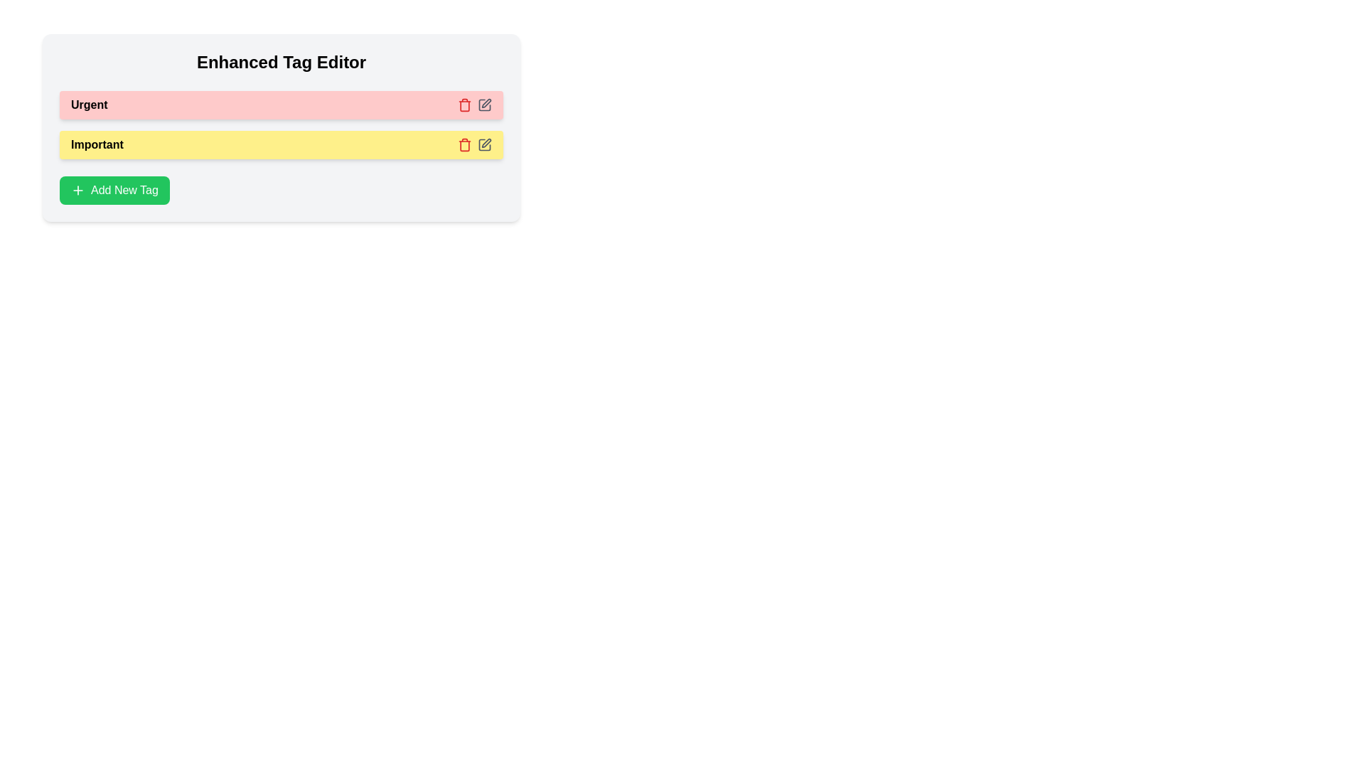 The height and width of the screenshot is (768, 1365). Describe the element at coordinates (96, 145) in the screenshot. I see `the 'Important' text label displayed in bold on a yellow-highlighted background bar, which is the second item in a list of tags` at that location.